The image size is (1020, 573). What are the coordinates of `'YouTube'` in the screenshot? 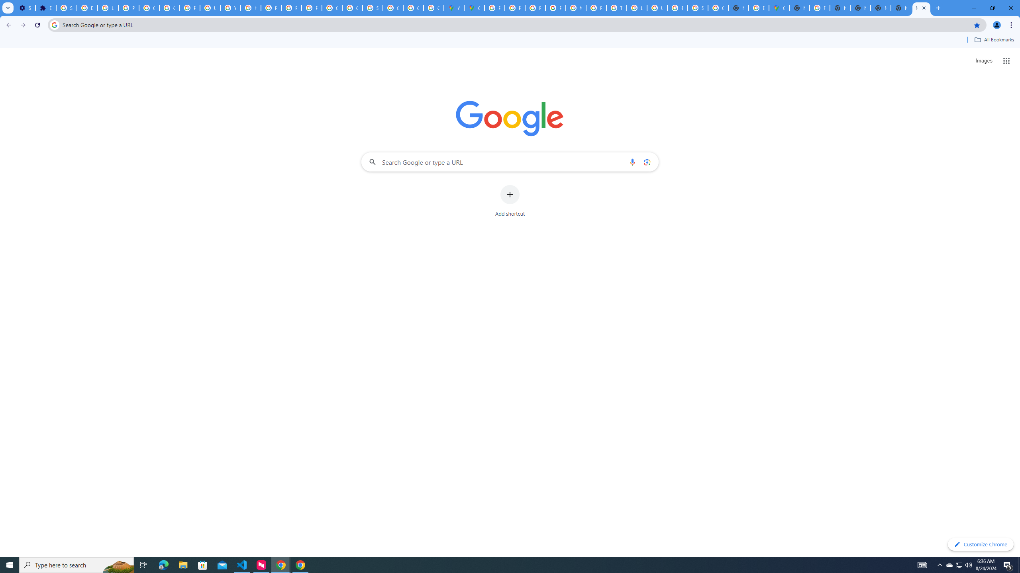 It's located at (575, 8).